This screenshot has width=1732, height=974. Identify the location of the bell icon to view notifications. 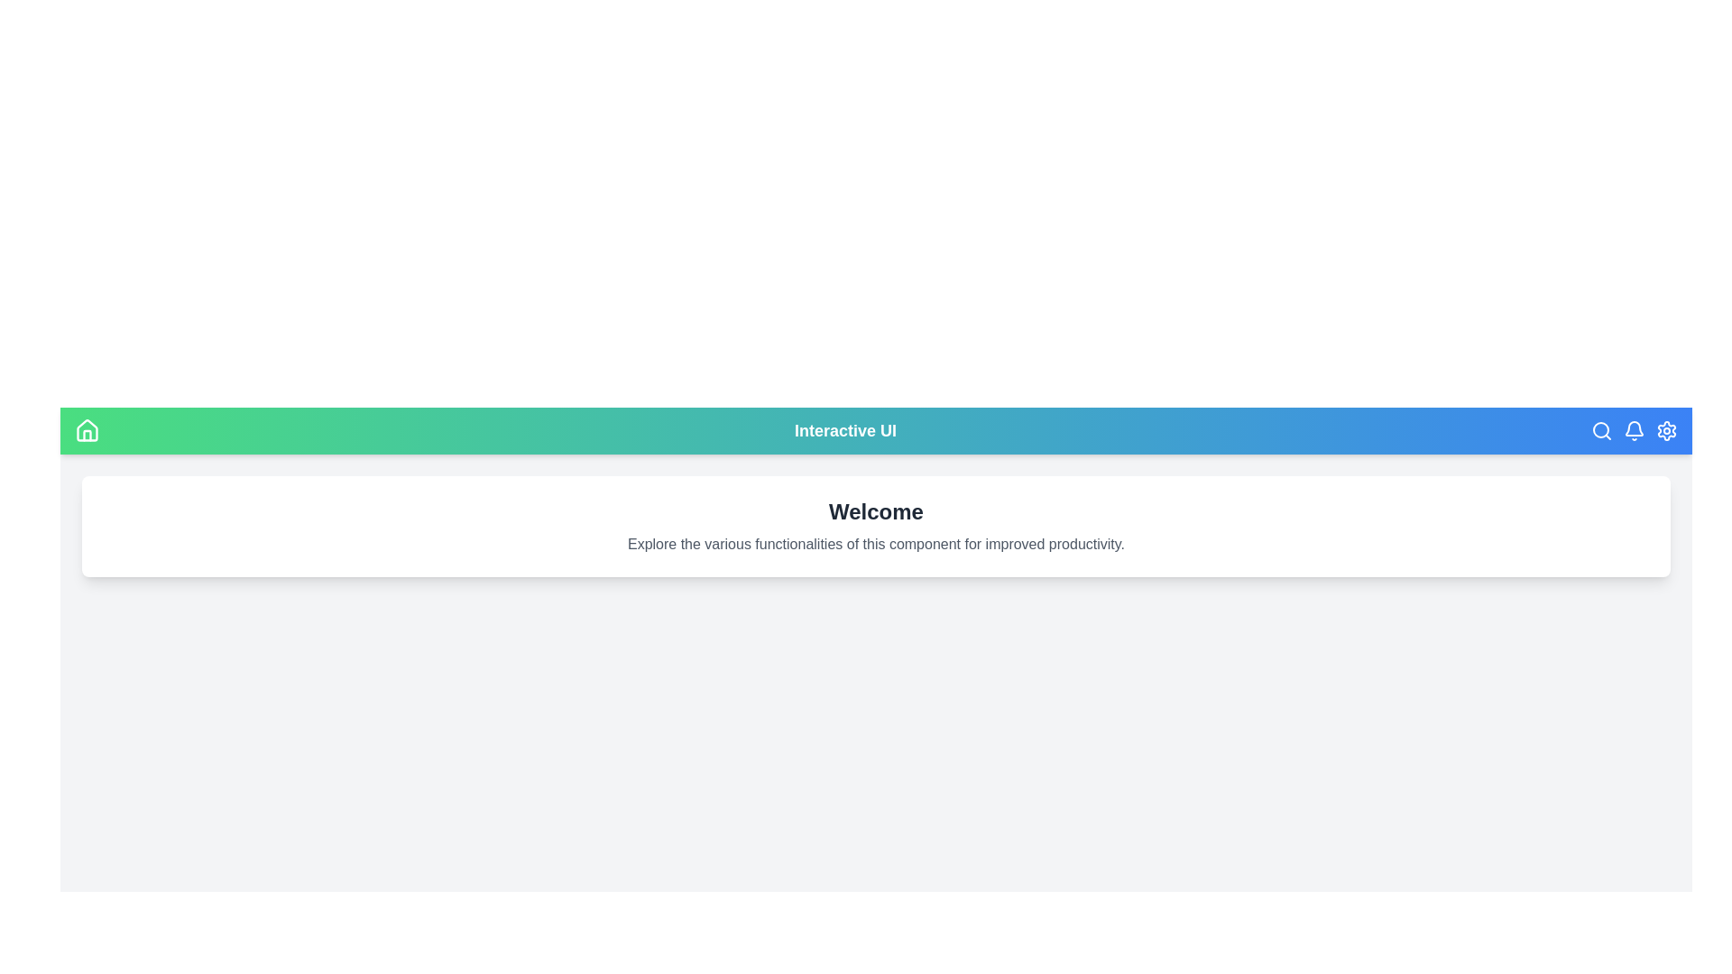
(1634, 431).